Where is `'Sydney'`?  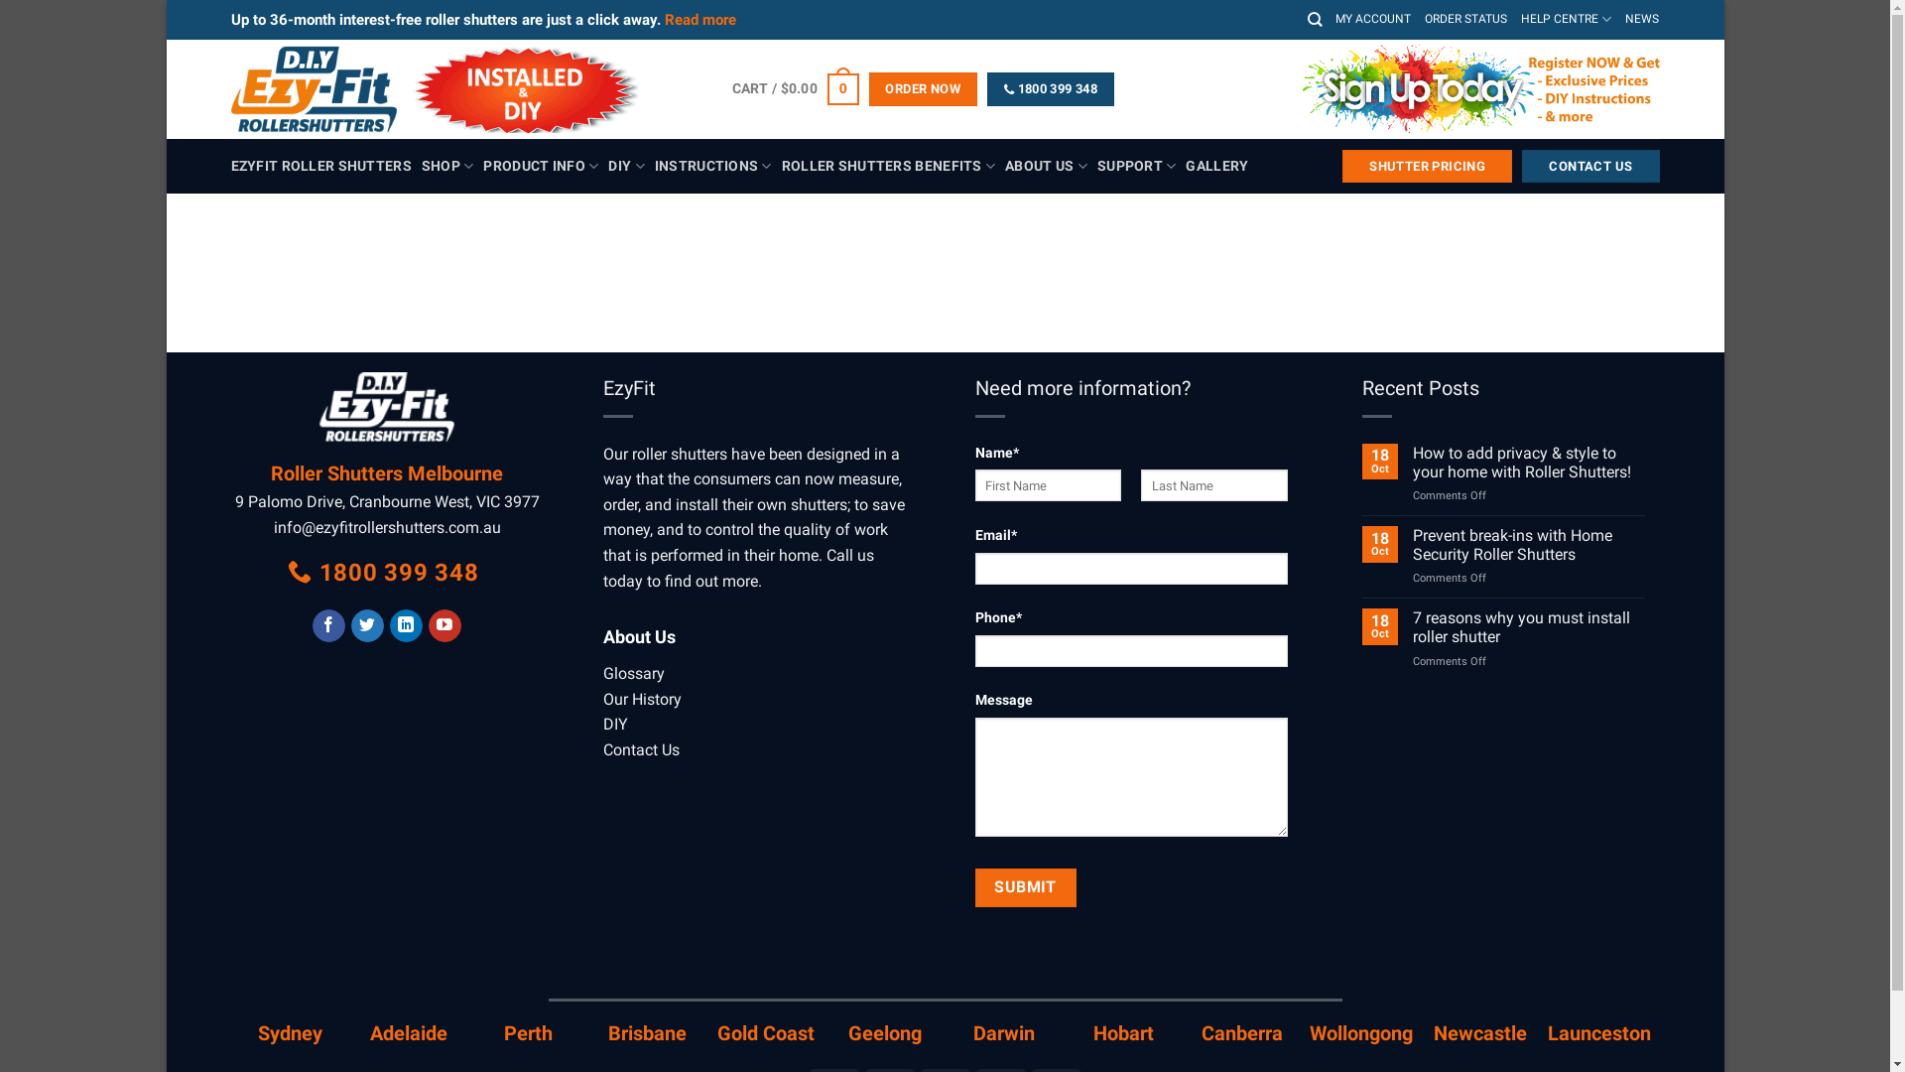
'Sydney' is located at coordinates (289, 1032).